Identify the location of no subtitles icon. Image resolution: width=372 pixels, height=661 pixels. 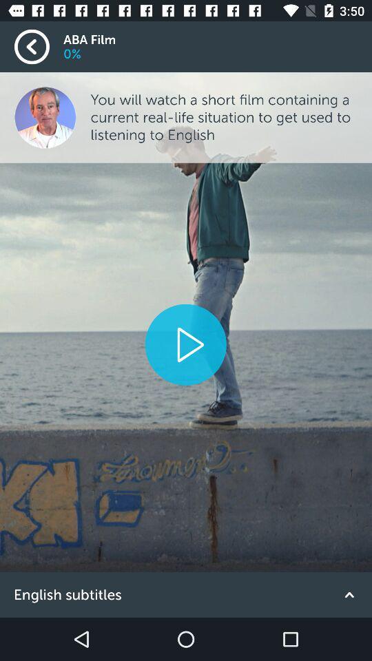
(186, 594).